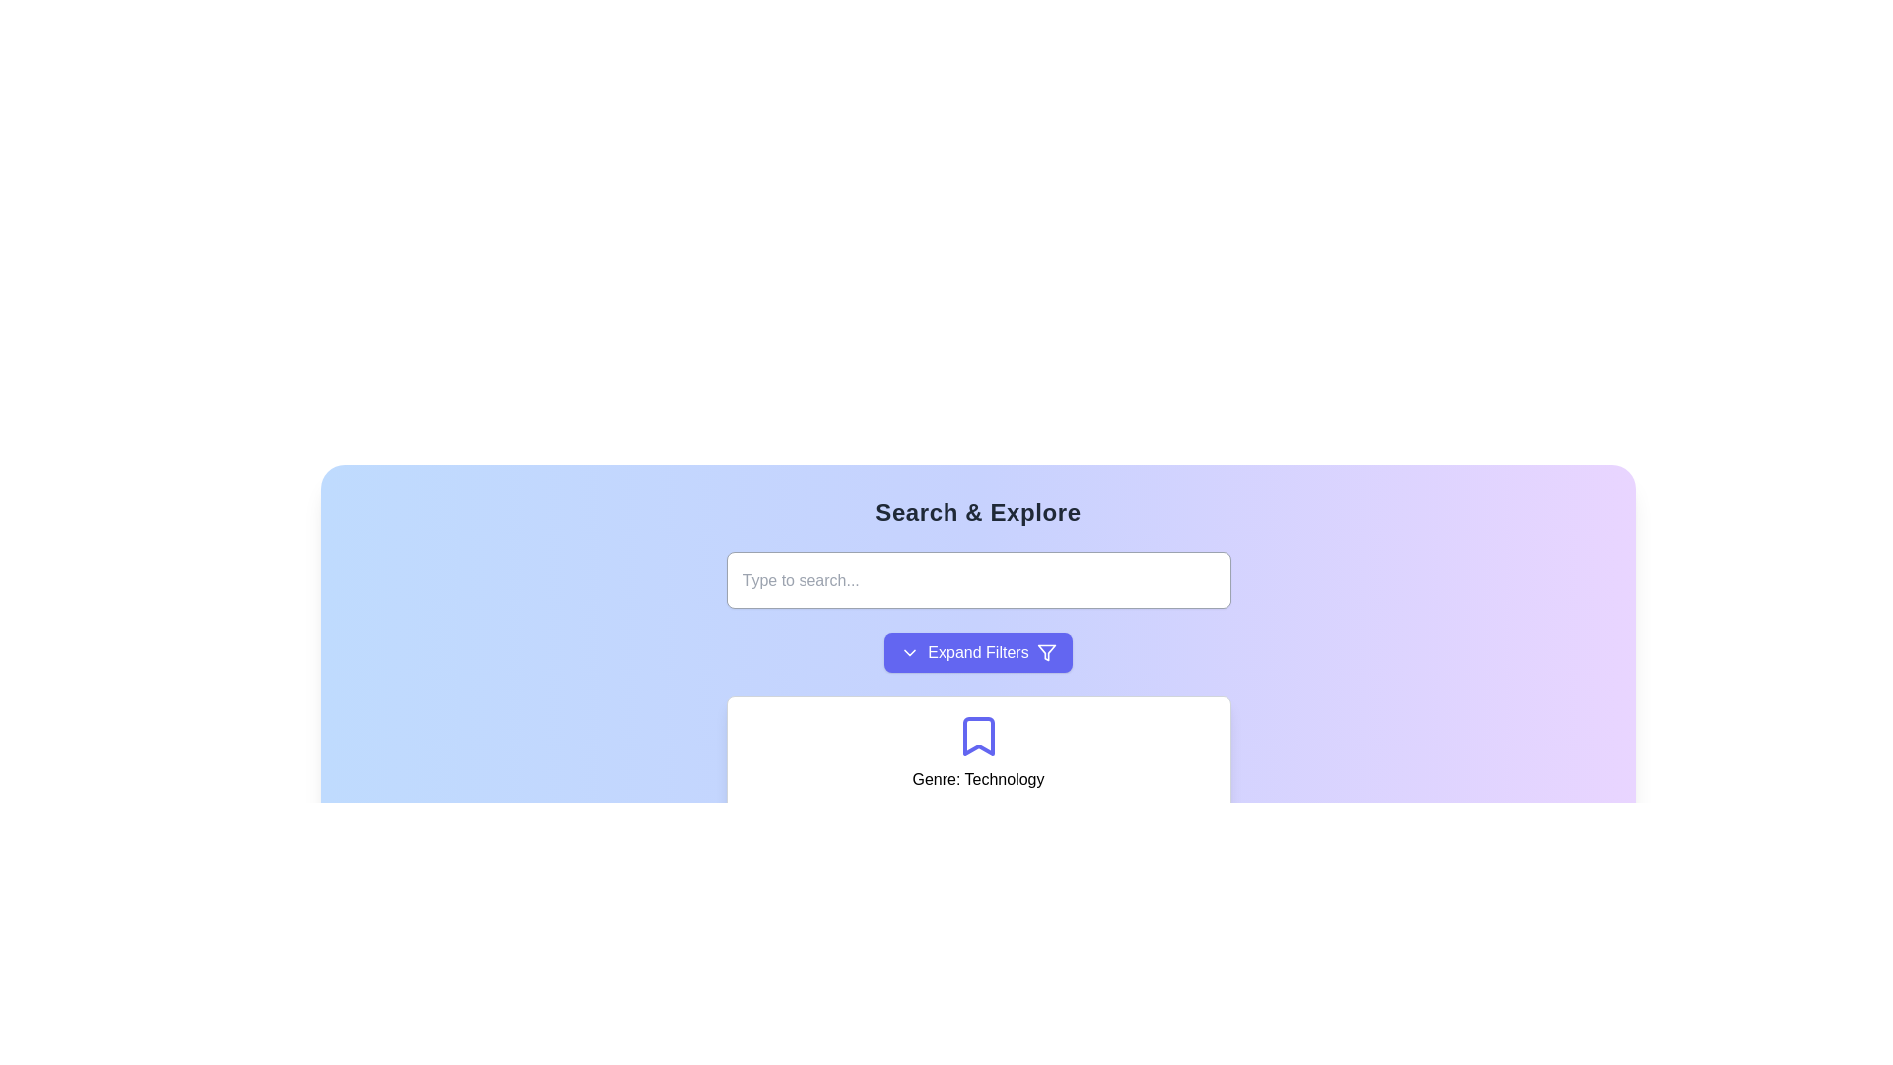  Describe the element at coordinates (909, 653) in the screenshot. I see `the downward-facing chevron icon outlined in white on a blue background, located within the 'Expand Filters' button` at that location.